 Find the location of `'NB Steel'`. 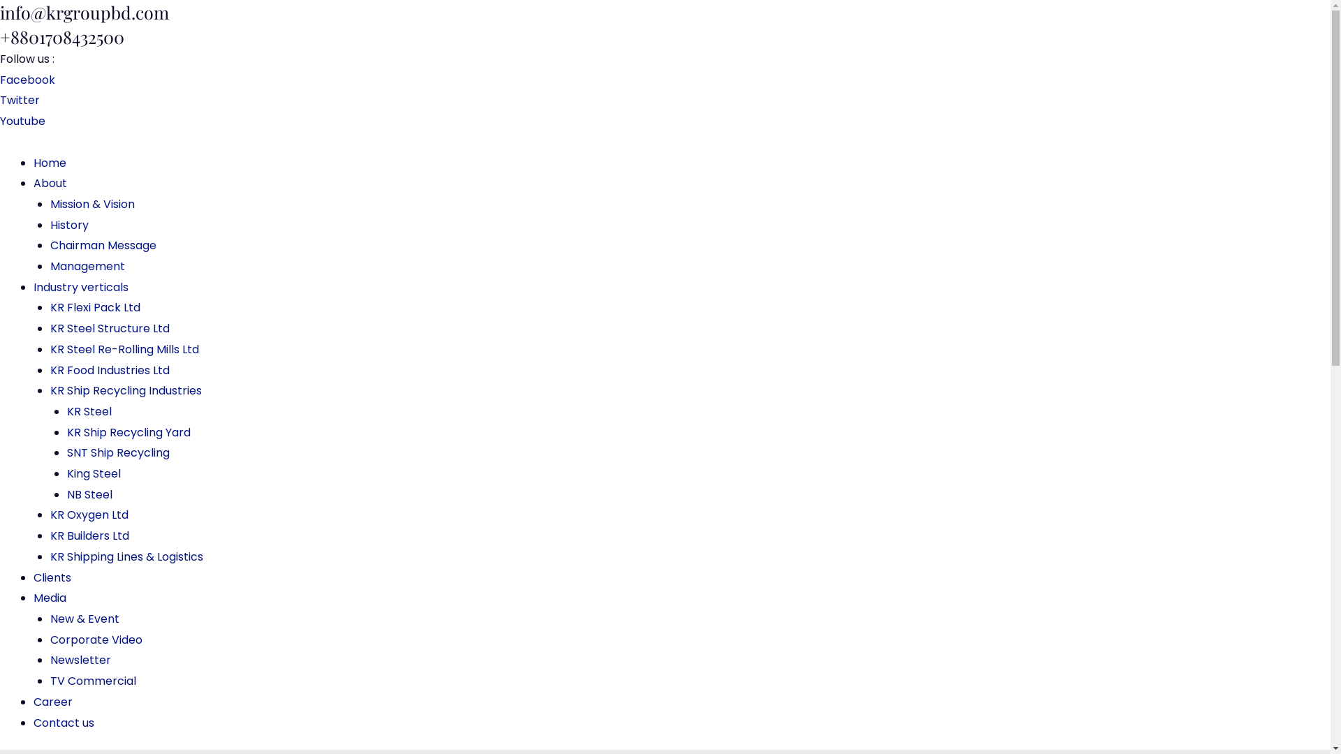

'NB Steel' is located at coordinates (89, 494).